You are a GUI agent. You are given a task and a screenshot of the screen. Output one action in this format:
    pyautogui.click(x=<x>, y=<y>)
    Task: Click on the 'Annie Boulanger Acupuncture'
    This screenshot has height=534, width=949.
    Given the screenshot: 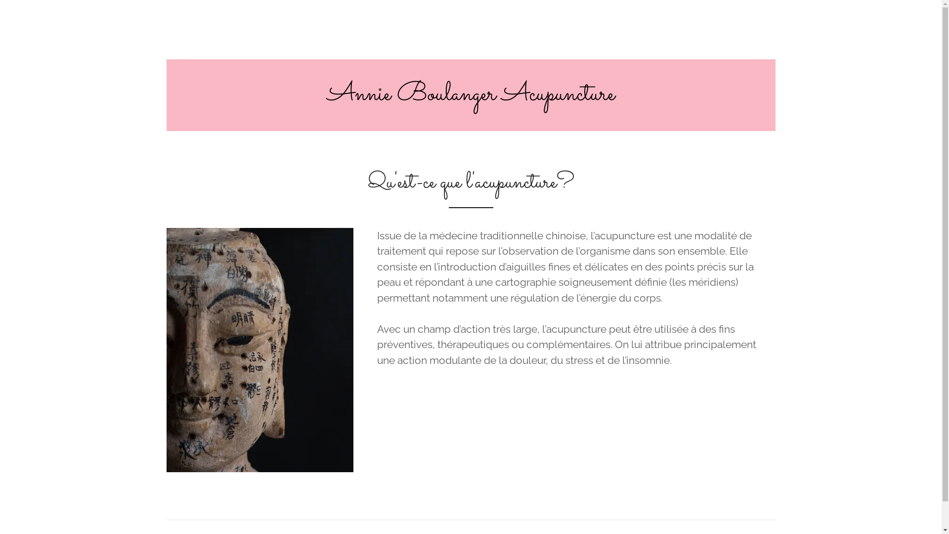 What is the action you would take?
    pyautogui.click(x=471, y=96)
    